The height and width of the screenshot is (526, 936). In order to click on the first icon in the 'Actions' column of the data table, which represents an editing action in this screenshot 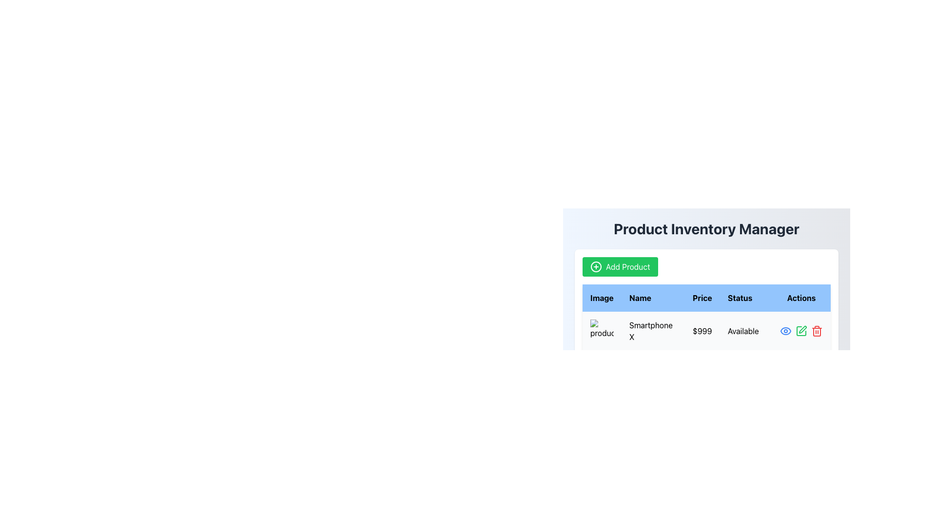, I will do `click(801, 330)`.